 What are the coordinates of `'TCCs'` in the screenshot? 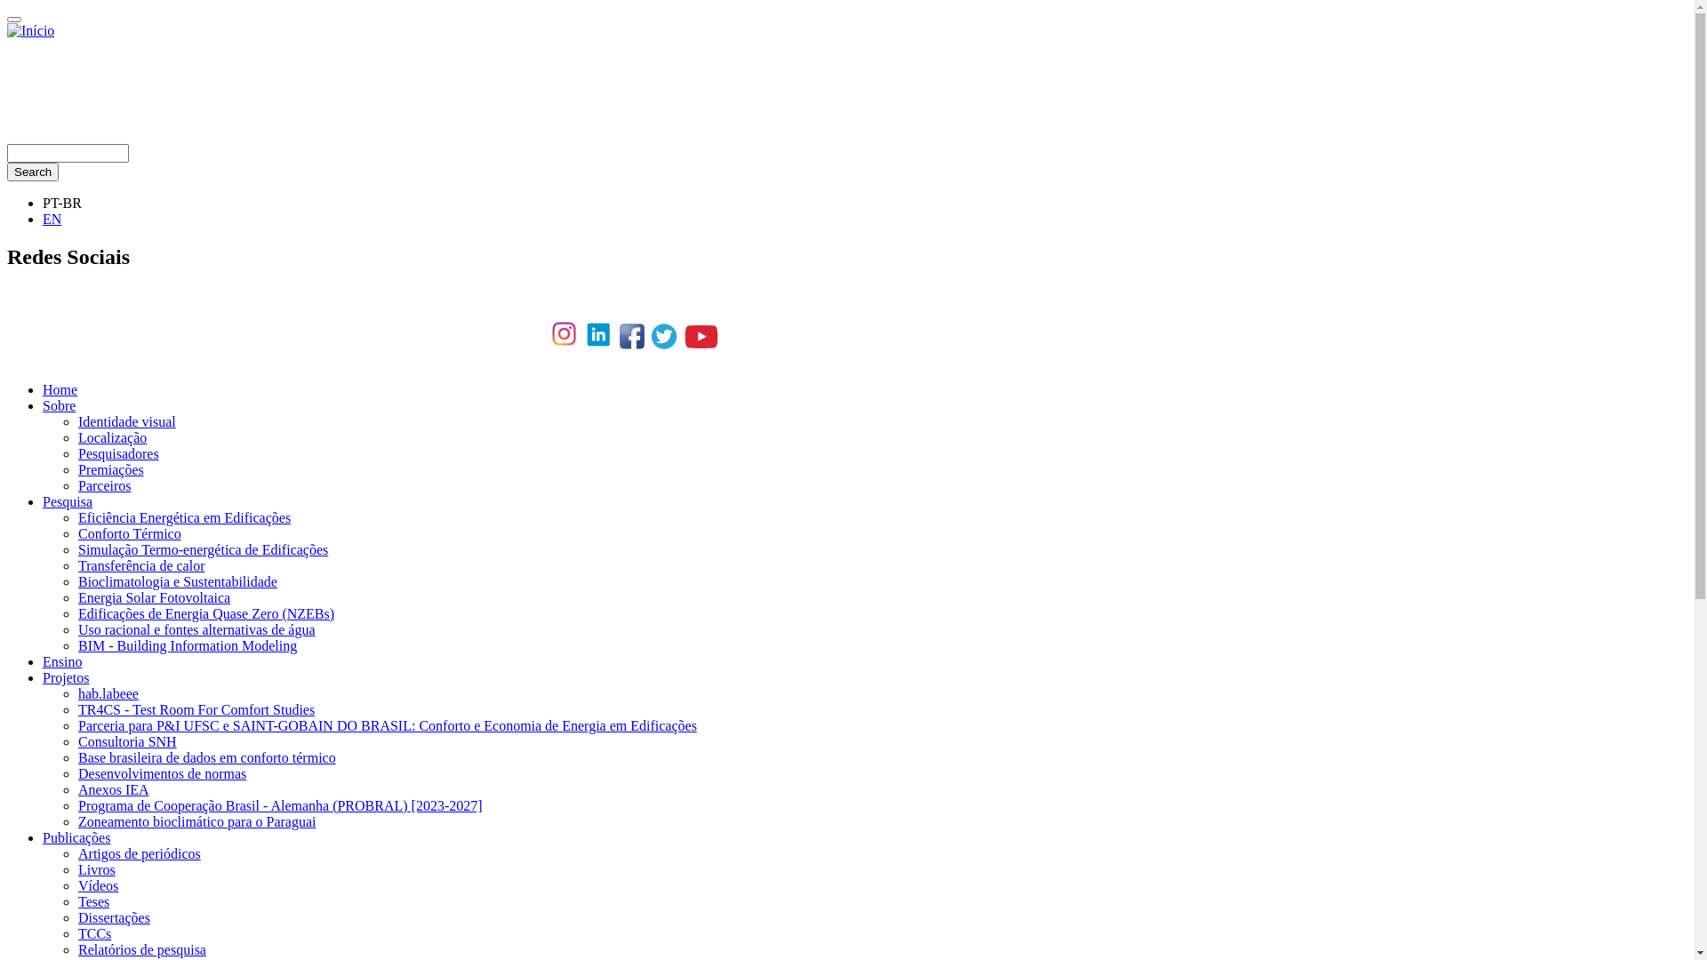 It's located at (93, 932).